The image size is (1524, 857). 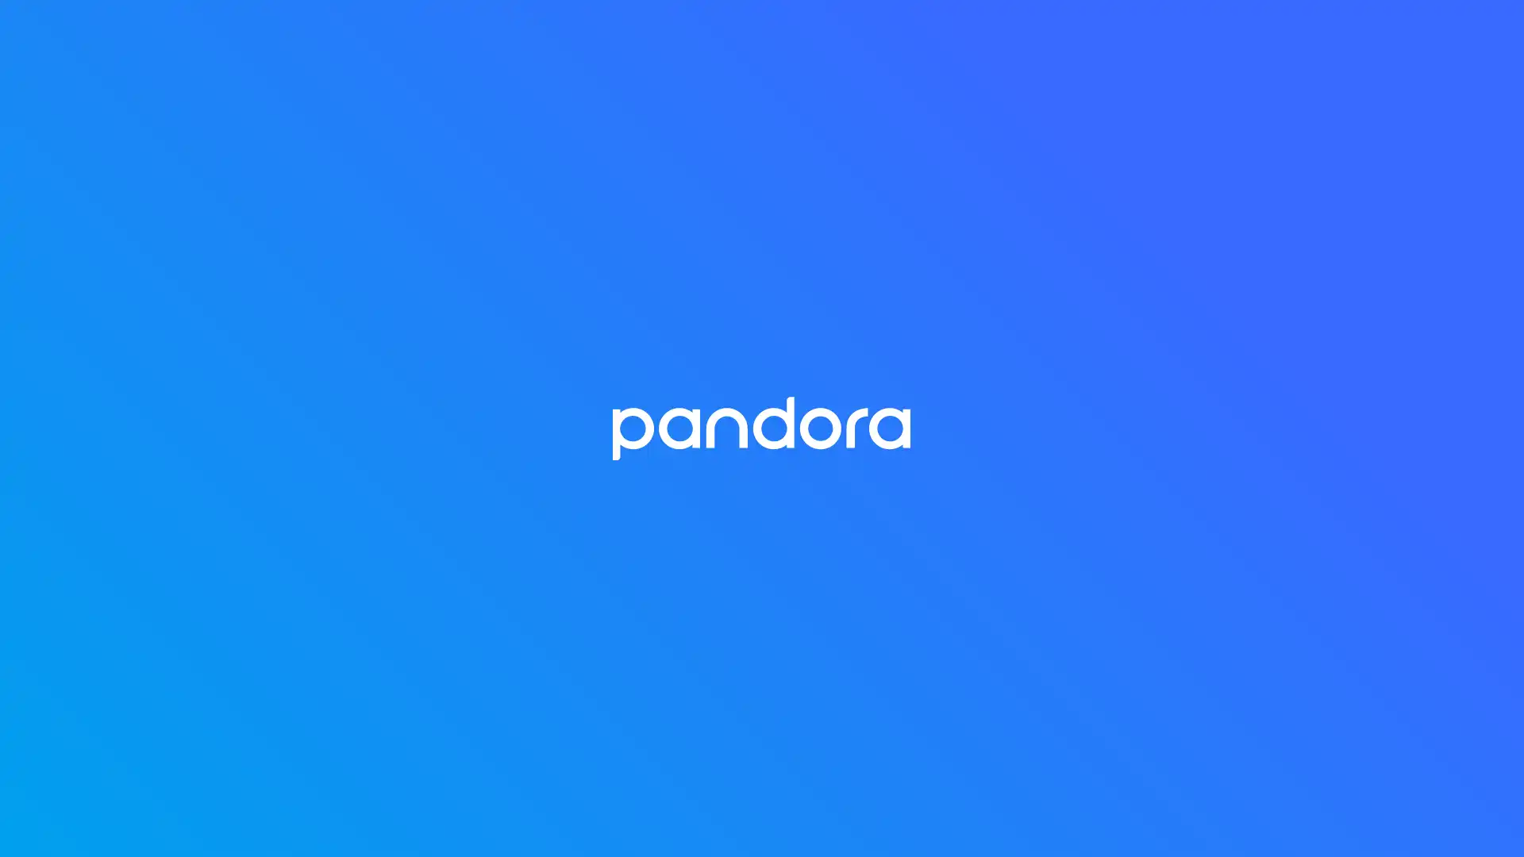 What do you see at coordinates (905, 264) in the screenshot?
I see `Get 60 Days Free` at bounding box center [905, 264].